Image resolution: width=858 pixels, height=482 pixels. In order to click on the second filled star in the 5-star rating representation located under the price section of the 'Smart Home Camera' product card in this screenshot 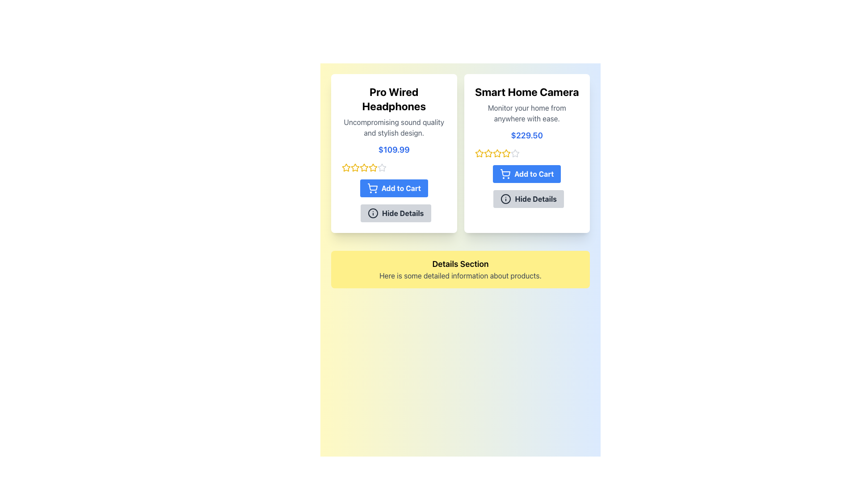, I will do `click(488, 153)`.